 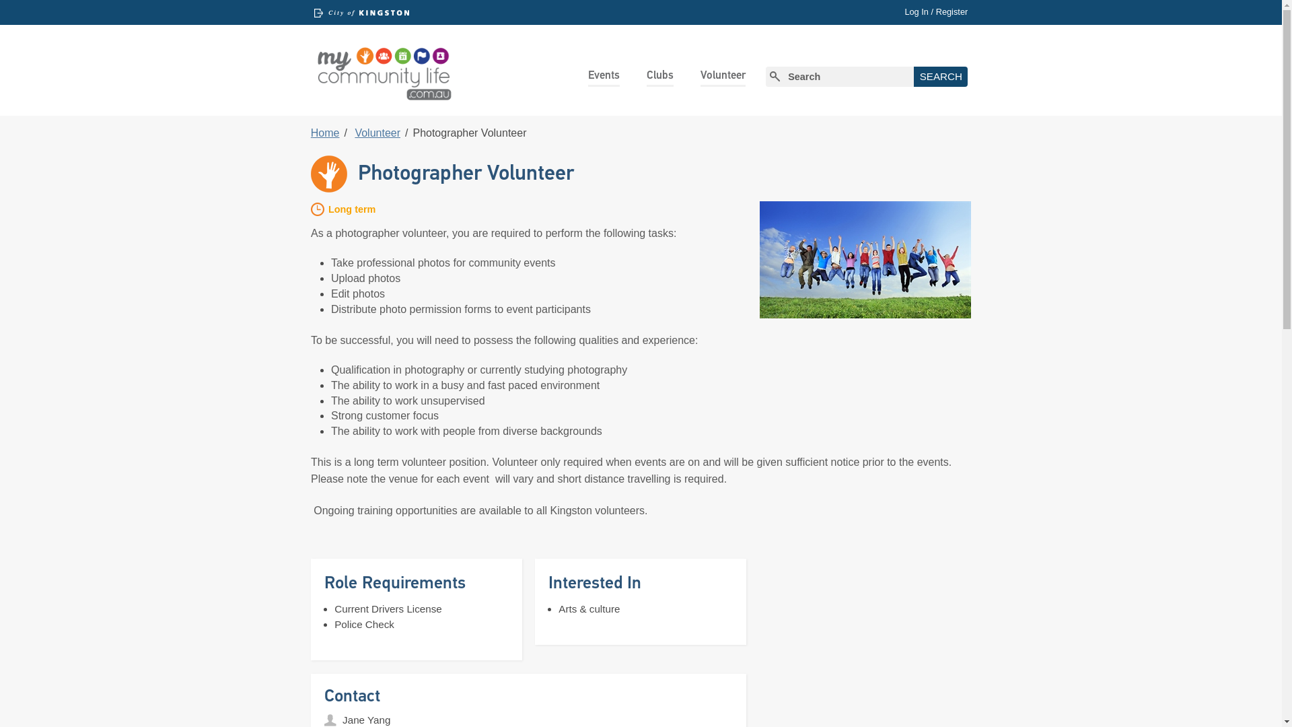 I want to click on 'Log In / Register', so click(x=935, y=11).